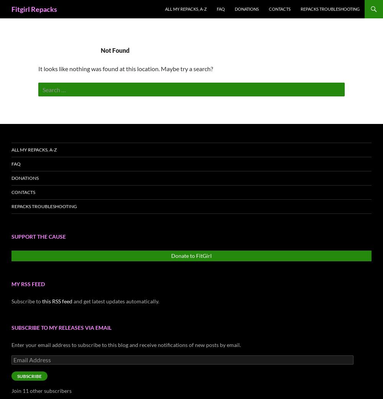  What do you see at coordinates (171, 255) in the screenshot?
I see `'Donate to FitGirl'` at bounding box center [171, 255].